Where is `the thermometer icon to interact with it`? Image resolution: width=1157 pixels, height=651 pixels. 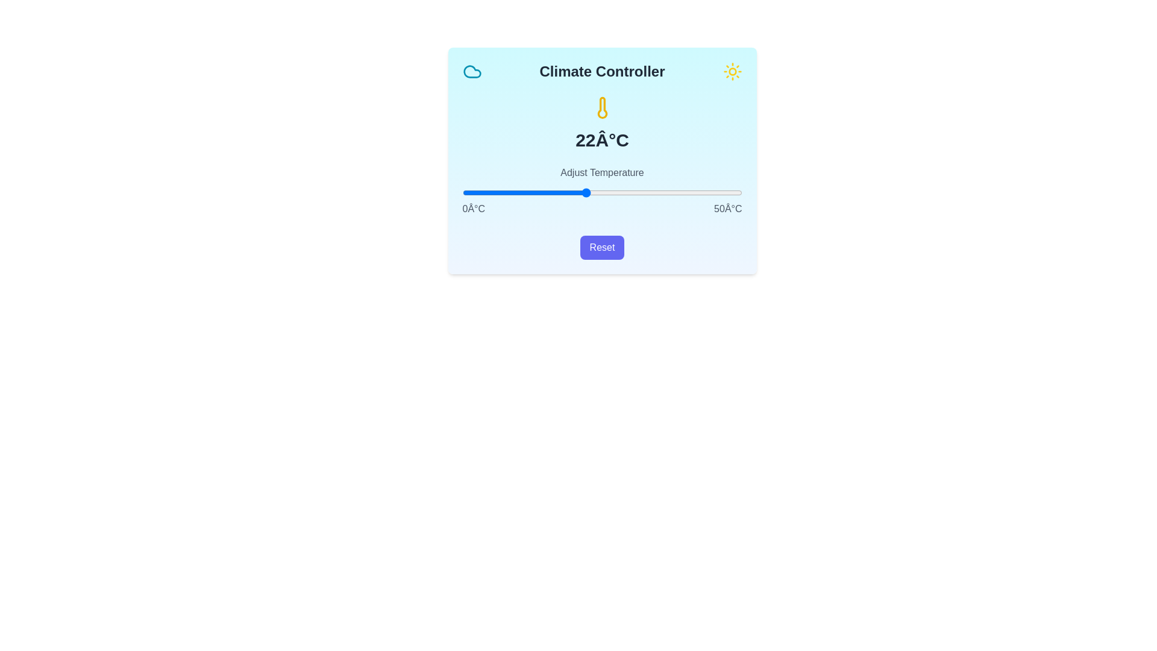 the thermometer icon to interact with it is located at coordinates (602, 107).